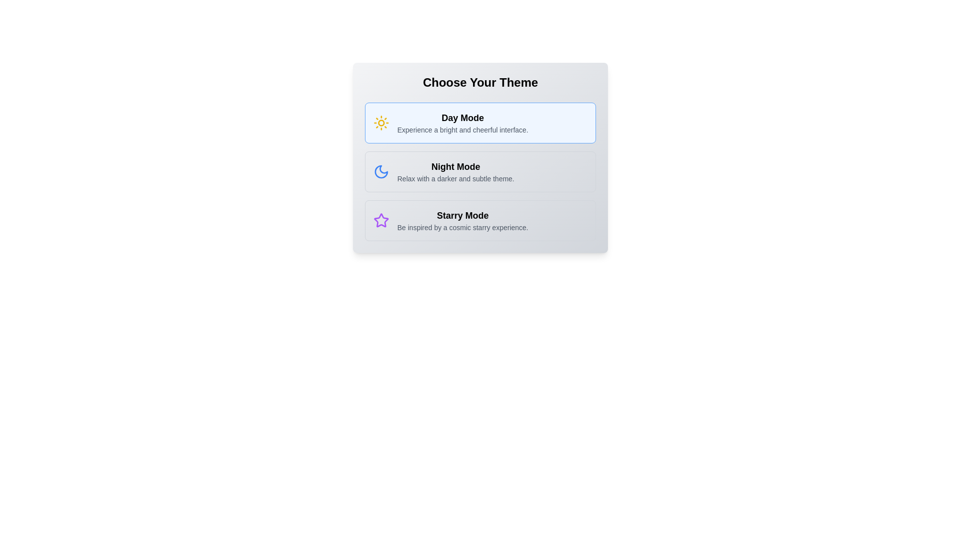  Describe the element at coordinates (381, 171) in the screenshot. I see `the crescent moon icon in dark blue color located to the left of the 'Night Mode' text within the 'Choose Your Theme' selection panel` at that location.